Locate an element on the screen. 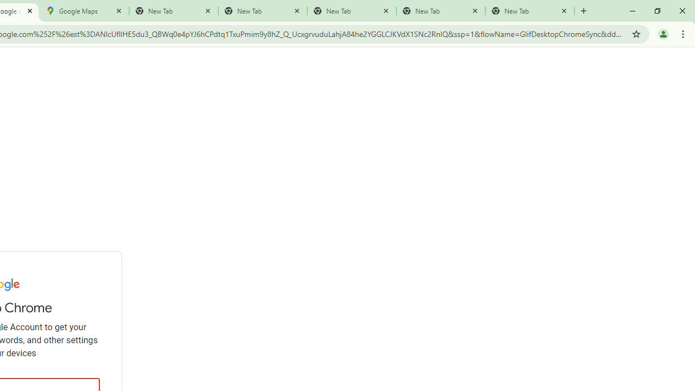 The image size is (695, 391). 'Restore' is located at coordinates (656, 11).